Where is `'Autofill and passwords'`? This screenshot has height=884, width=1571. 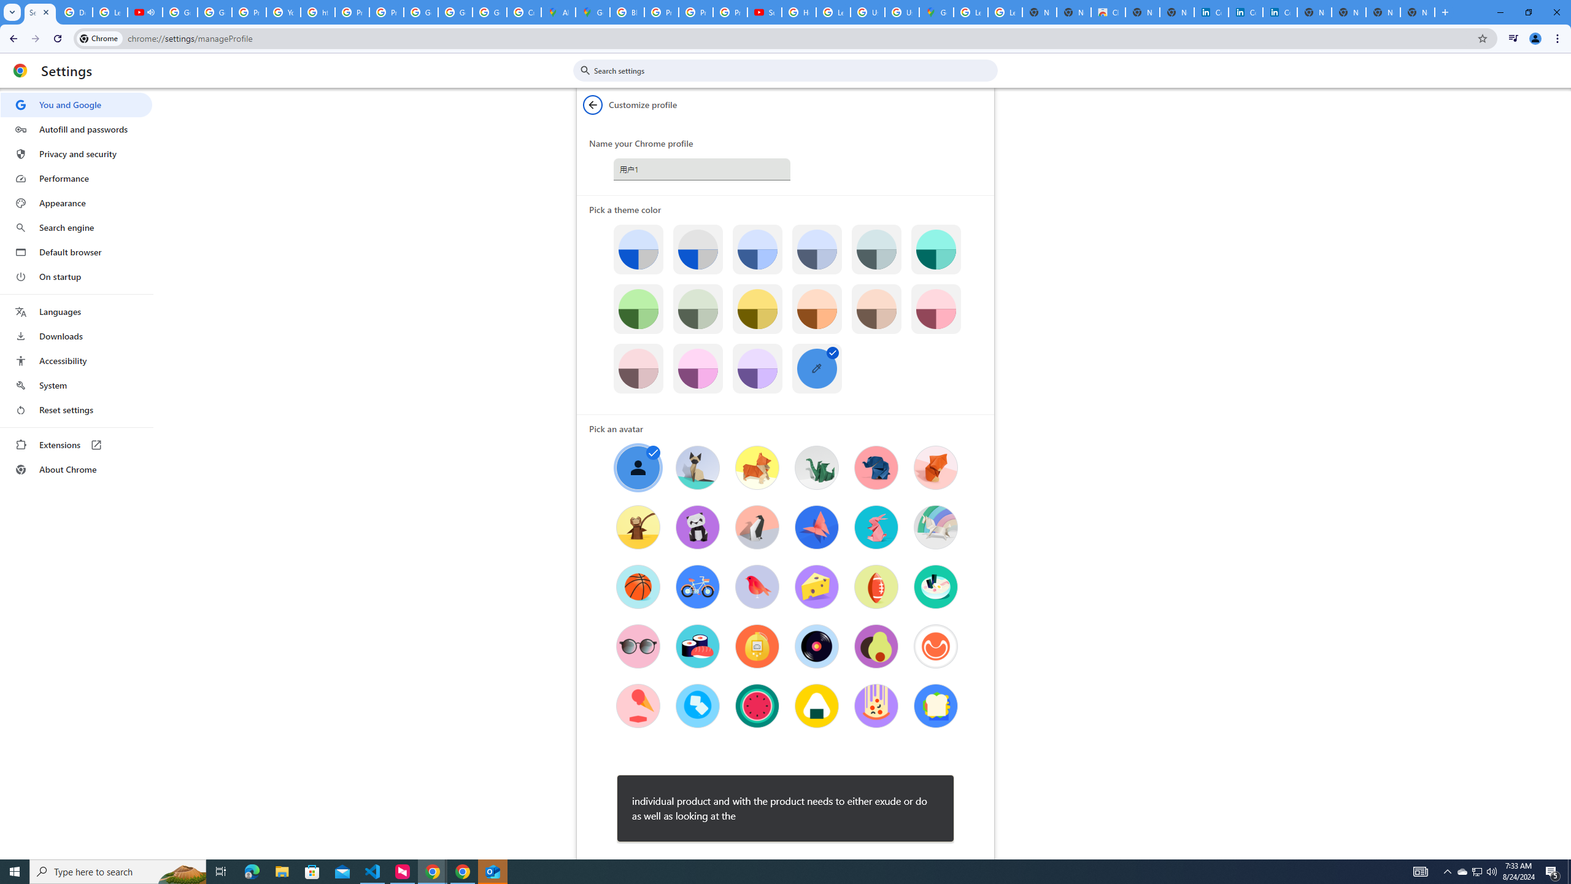
'Autofill and passwords' is located at coordinates (75, 129).